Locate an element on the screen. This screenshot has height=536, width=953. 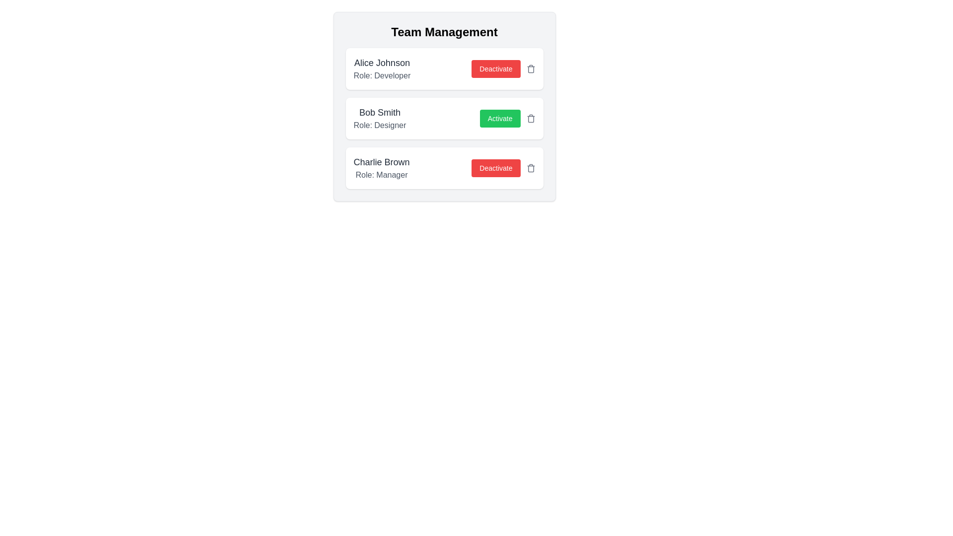
trash icon button to remove the team member Charlie Brown is located at coordinates (530, 168).